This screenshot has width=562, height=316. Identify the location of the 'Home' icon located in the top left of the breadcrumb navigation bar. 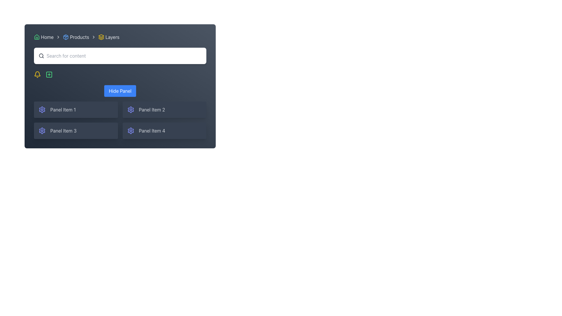
(36, 37).